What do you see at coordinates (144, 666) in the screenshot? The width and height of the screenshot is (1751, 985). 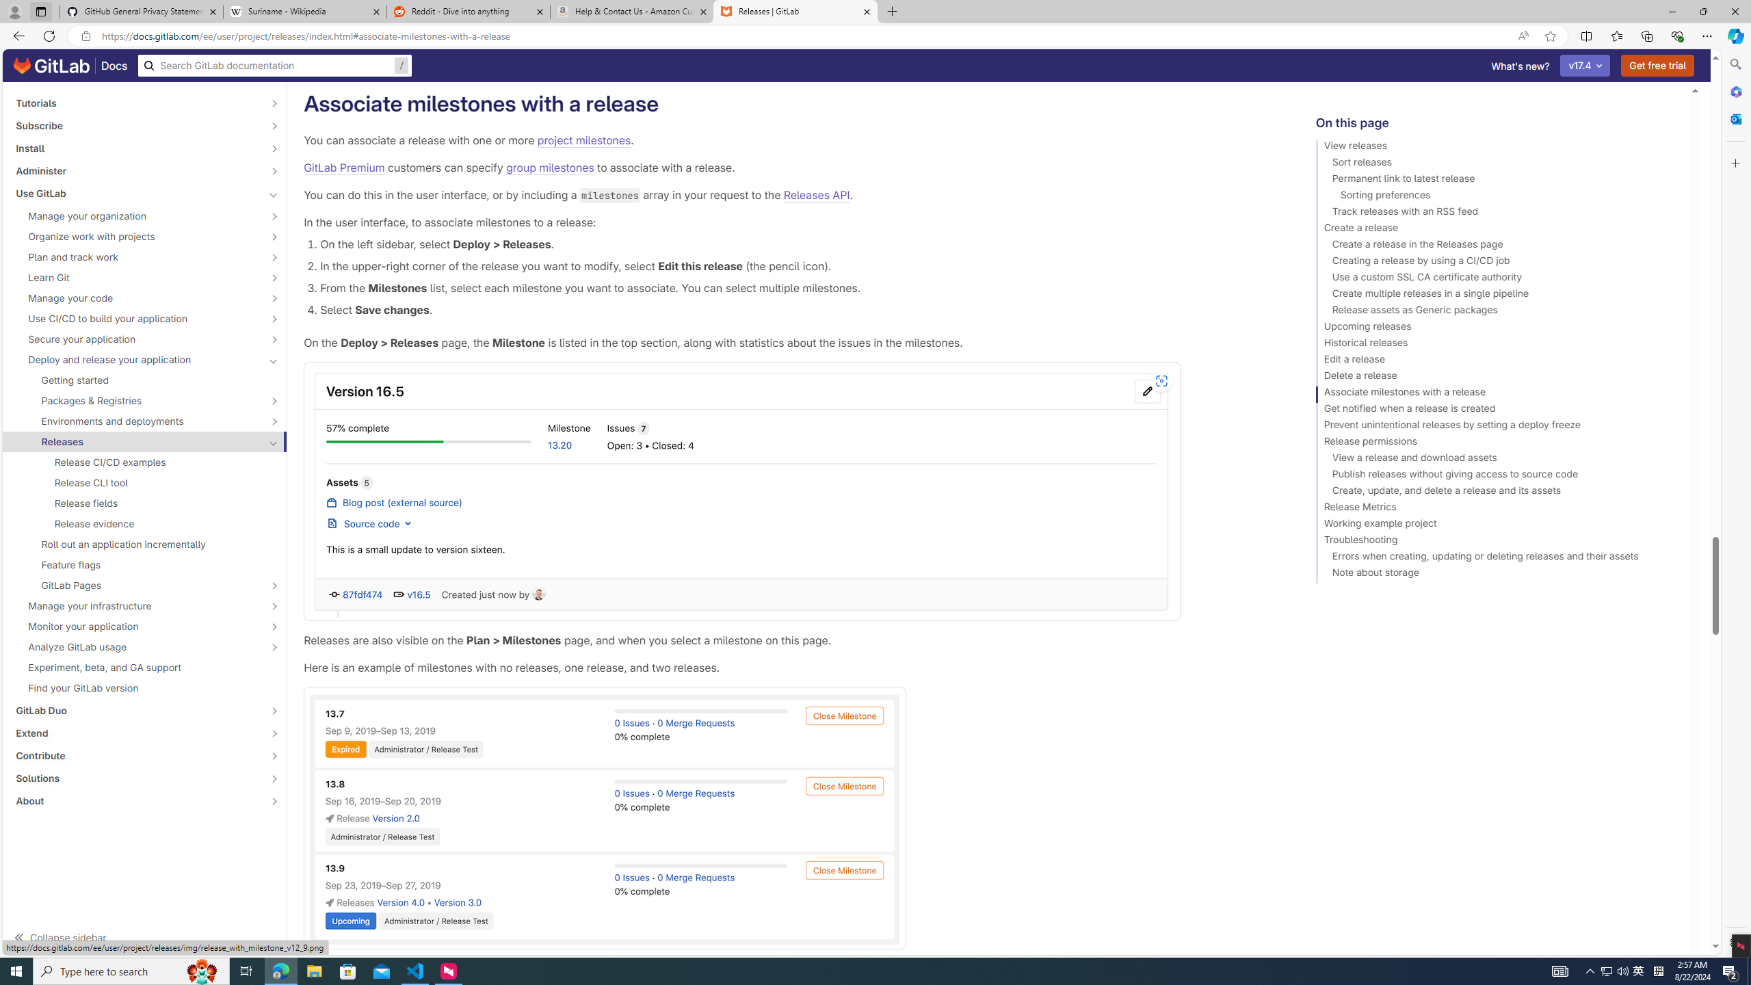 I see `'Experiment, beta, and GA support'` at bounding box center [144, 666].